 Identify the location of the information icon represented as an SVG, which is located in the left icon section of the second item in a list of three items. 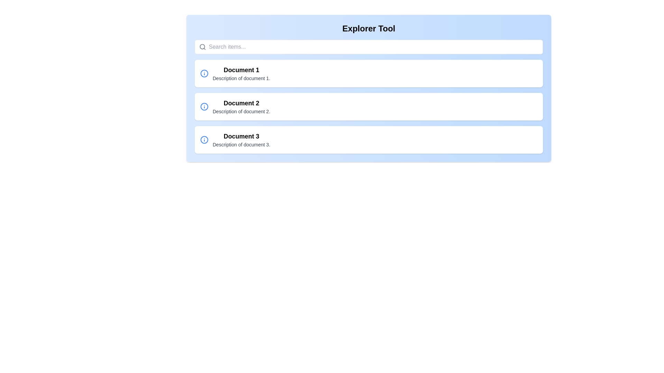
(204, 106).